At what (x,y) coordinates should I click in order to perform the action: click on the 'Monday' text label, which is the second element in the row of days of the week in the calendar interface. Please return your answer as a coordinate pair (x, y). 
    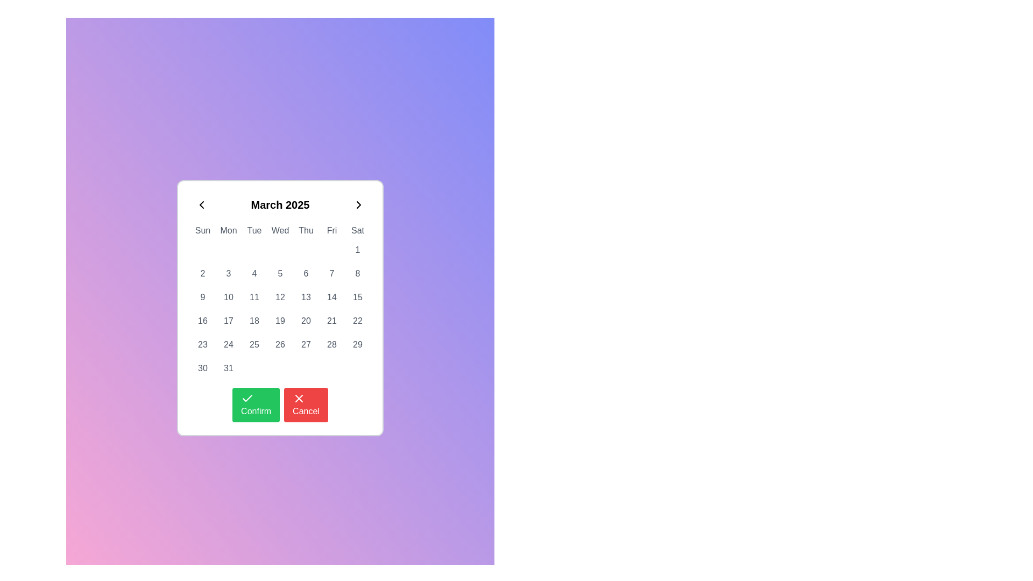
    Looking at the image, I should click on (228, 230).